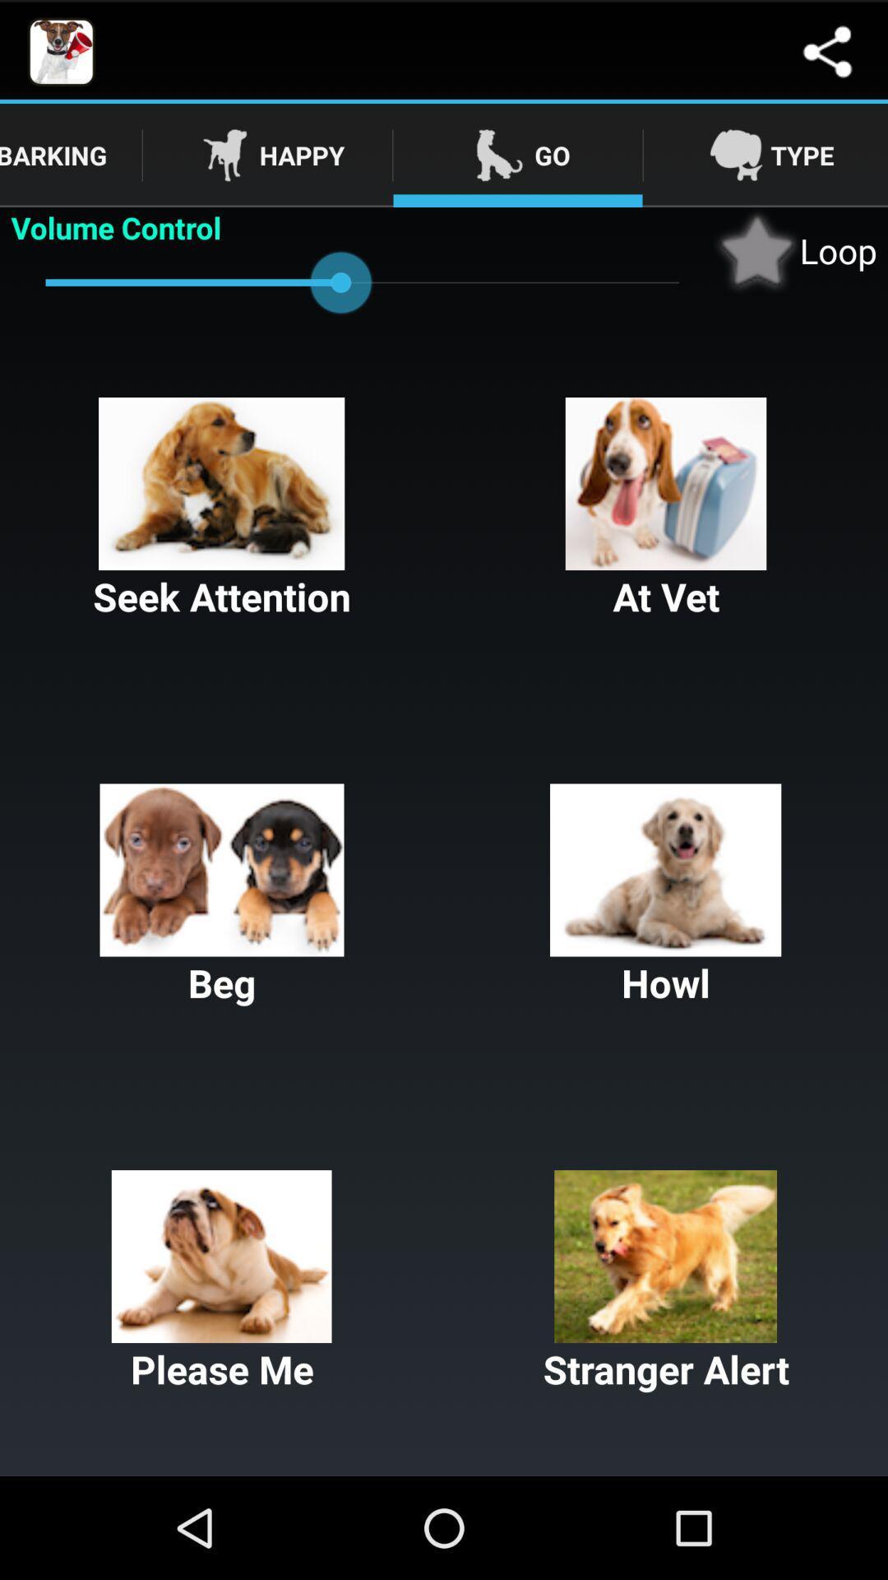 The width and height of the screenshot is (888, 1580). Describe the element at coordinates (794, 249) in the screenshot. I see `icon to the right of volume control` at that location.